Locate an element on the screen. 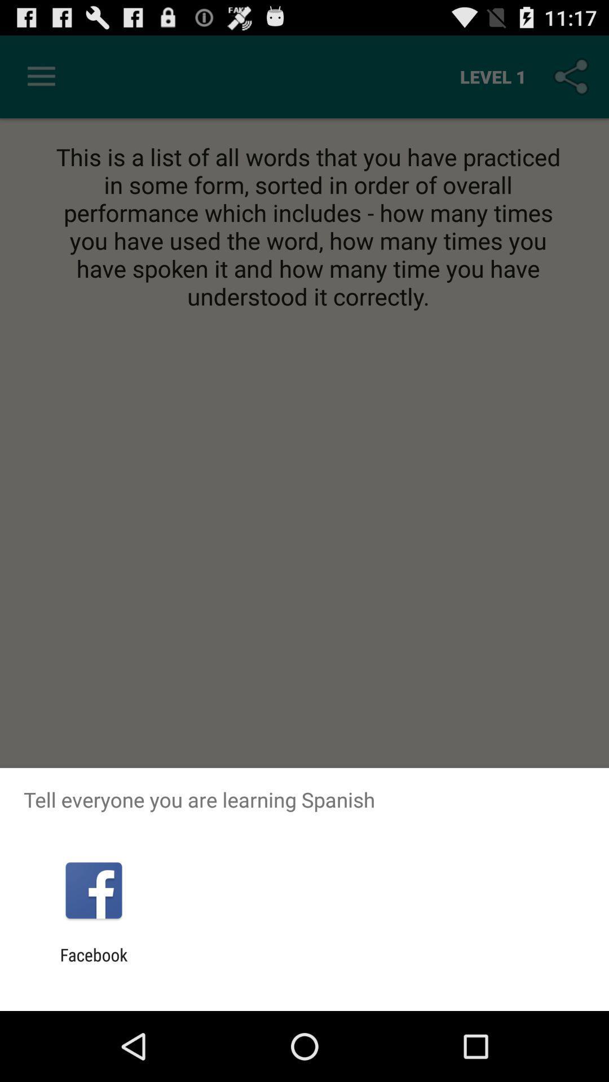  the facebook icon is located at coordinates (93, 964).